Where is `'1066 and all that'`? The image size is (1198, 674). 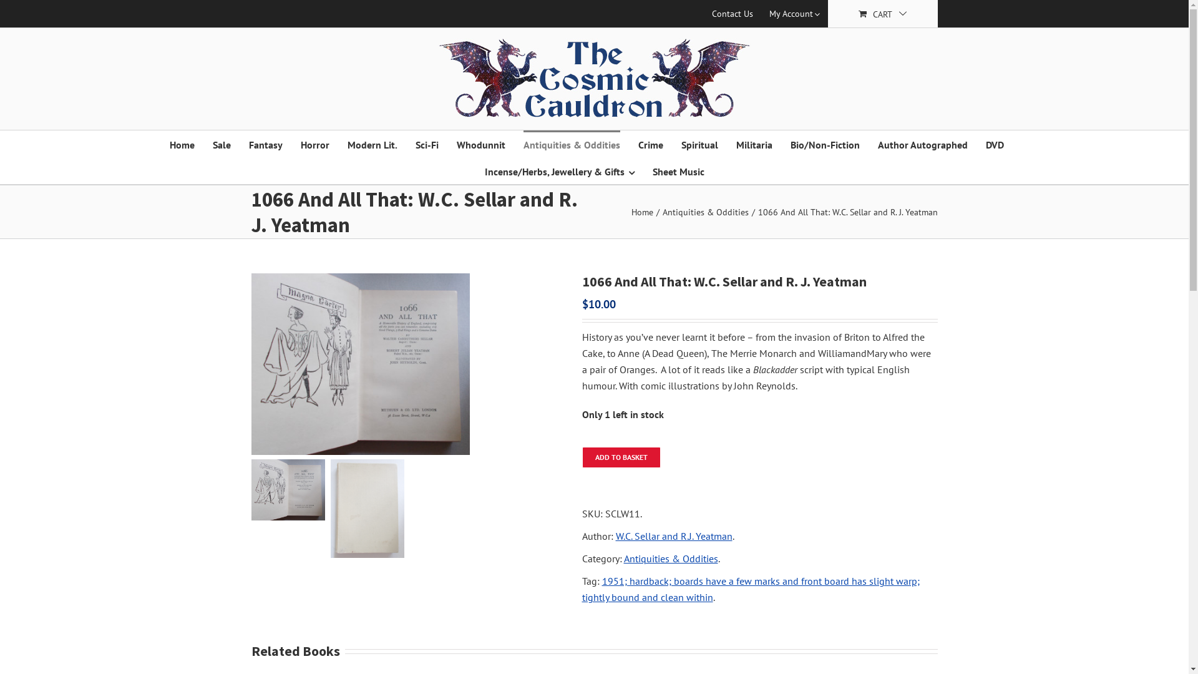 '1066 and all that' is located at coordinates (407, 364).